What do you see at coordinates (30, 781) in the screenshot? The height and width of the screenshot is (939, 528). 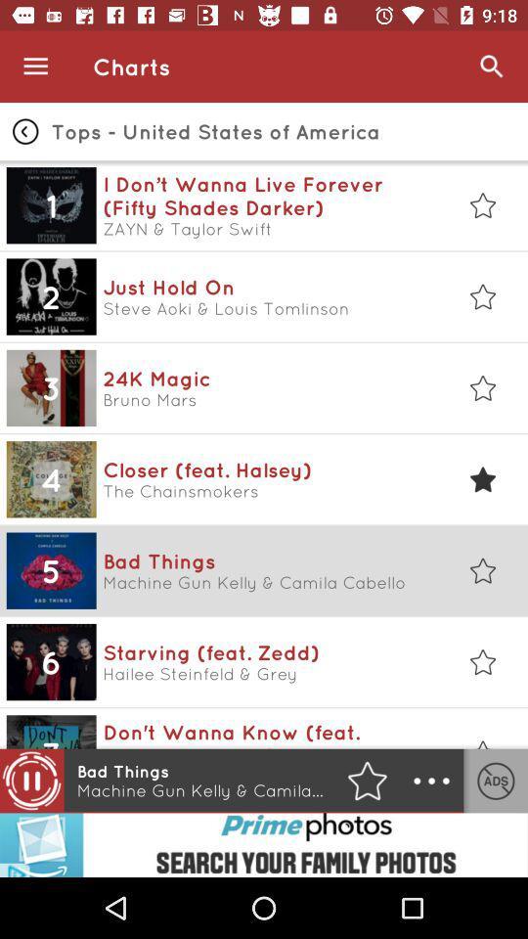 I see `the pause icon` at bounding box center [30, 781].